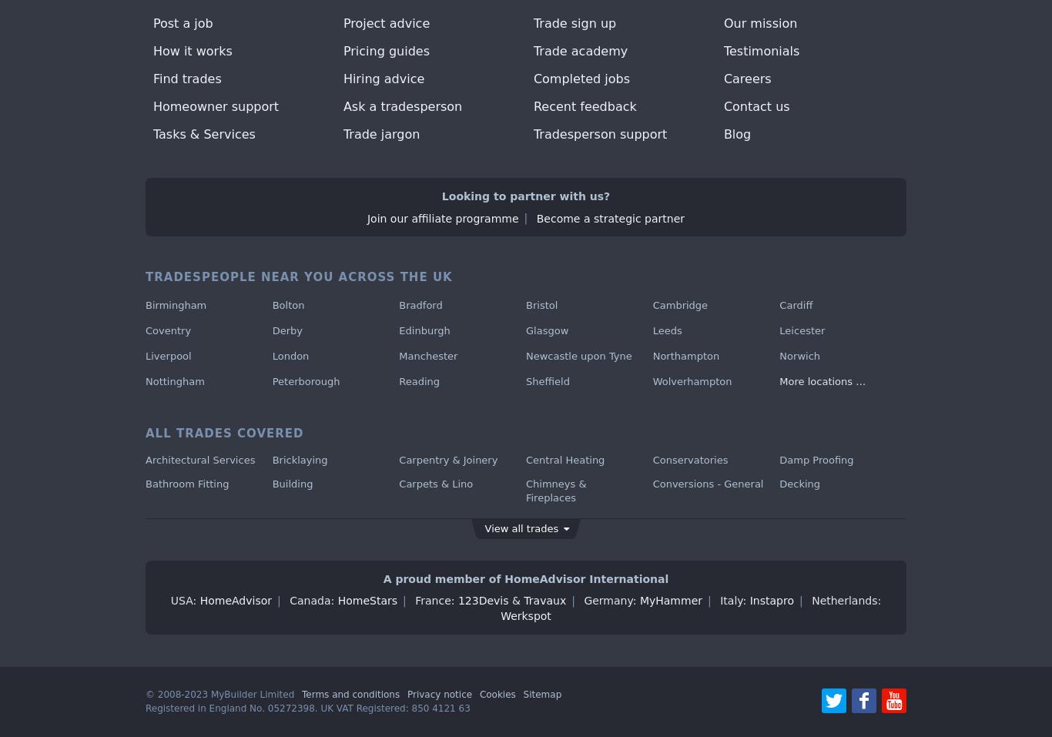 Image resolution: width=1052 pixels, height=737 pixels. I want to click on 'tradespeople near you across the UK', so click(297, 277).